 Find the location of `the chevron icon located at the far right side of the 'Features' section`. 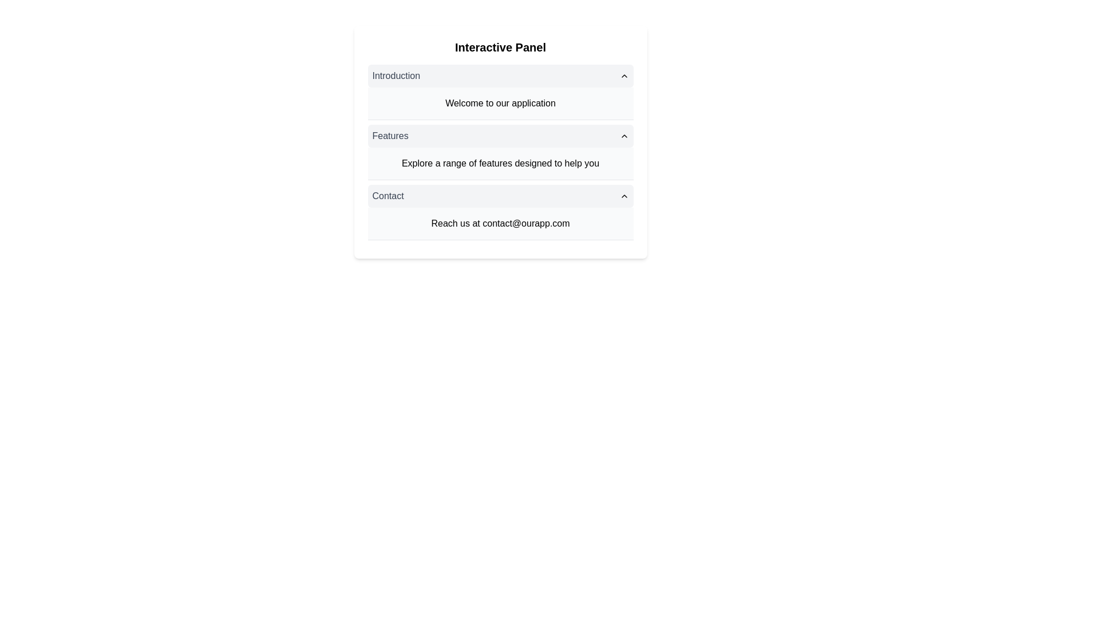

the chevron icon located at the far right side of the 'Features' section is located at coordinates (623, 136).